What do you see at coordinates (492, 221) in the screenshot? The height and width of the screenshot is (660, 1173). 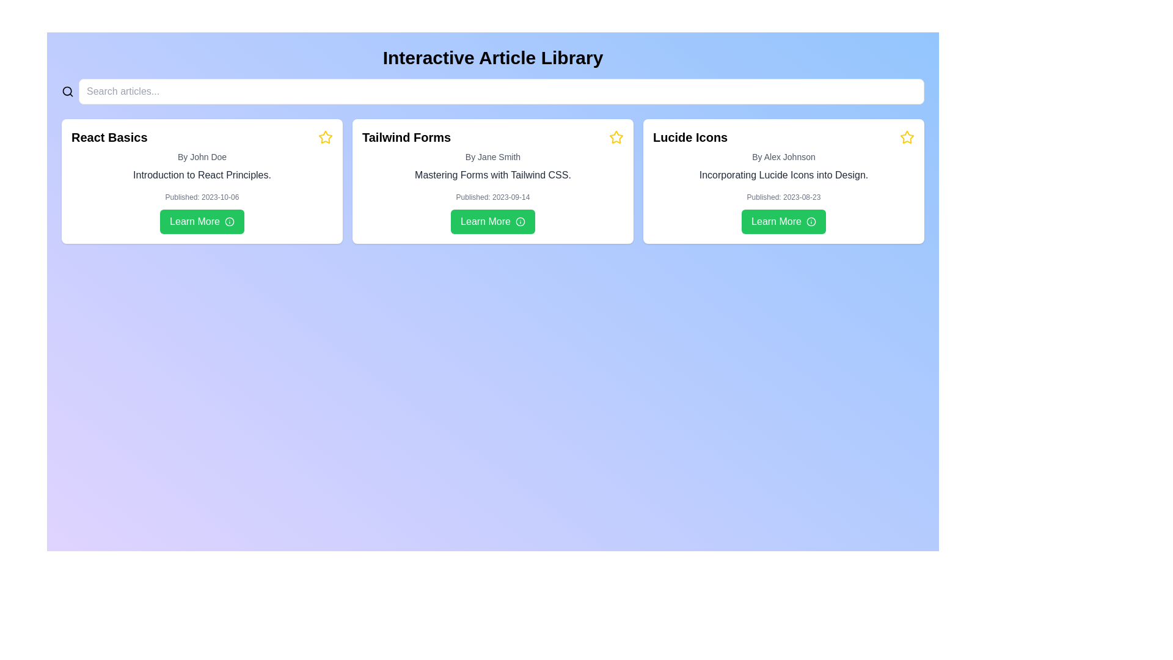 I see `the button located at the bottom center of the middle content card` at bounding box center [492, 221].